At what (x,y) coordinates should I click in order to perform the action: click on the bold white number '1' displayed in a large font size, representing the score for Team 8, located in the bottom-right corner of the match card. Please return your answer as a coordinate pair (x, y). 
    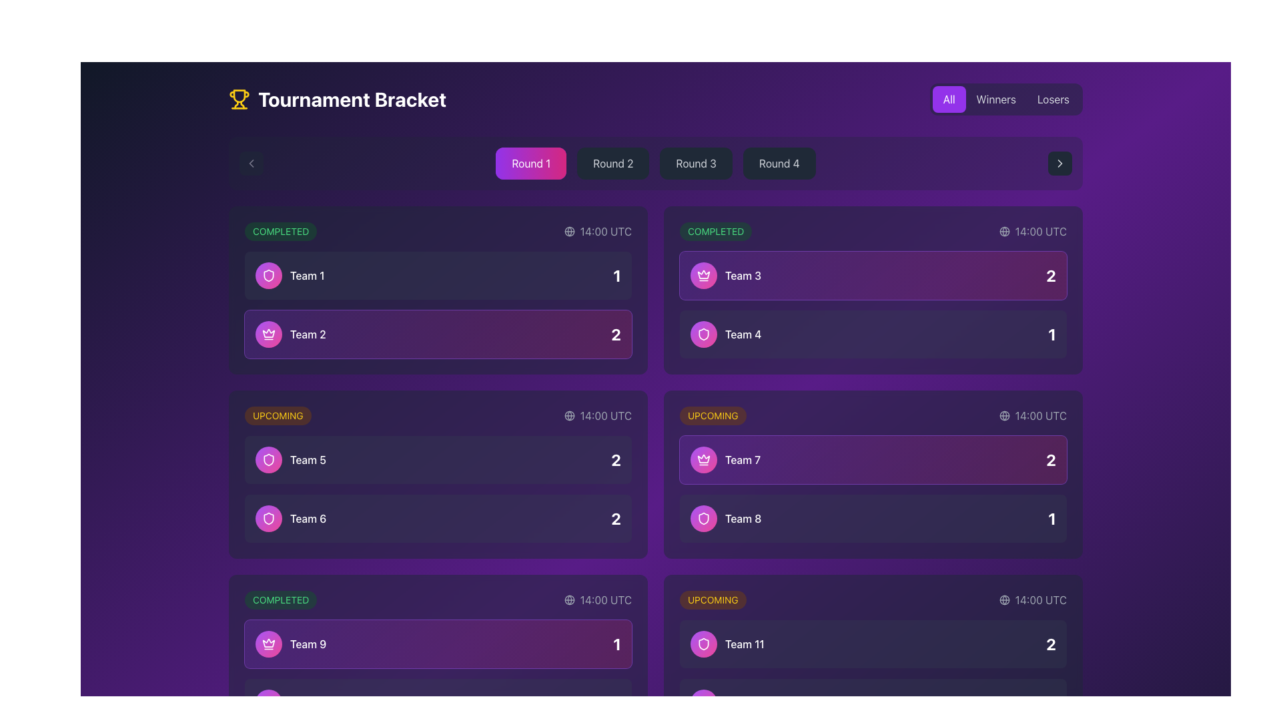
    Looking at the image, I should click on (1051, 517).